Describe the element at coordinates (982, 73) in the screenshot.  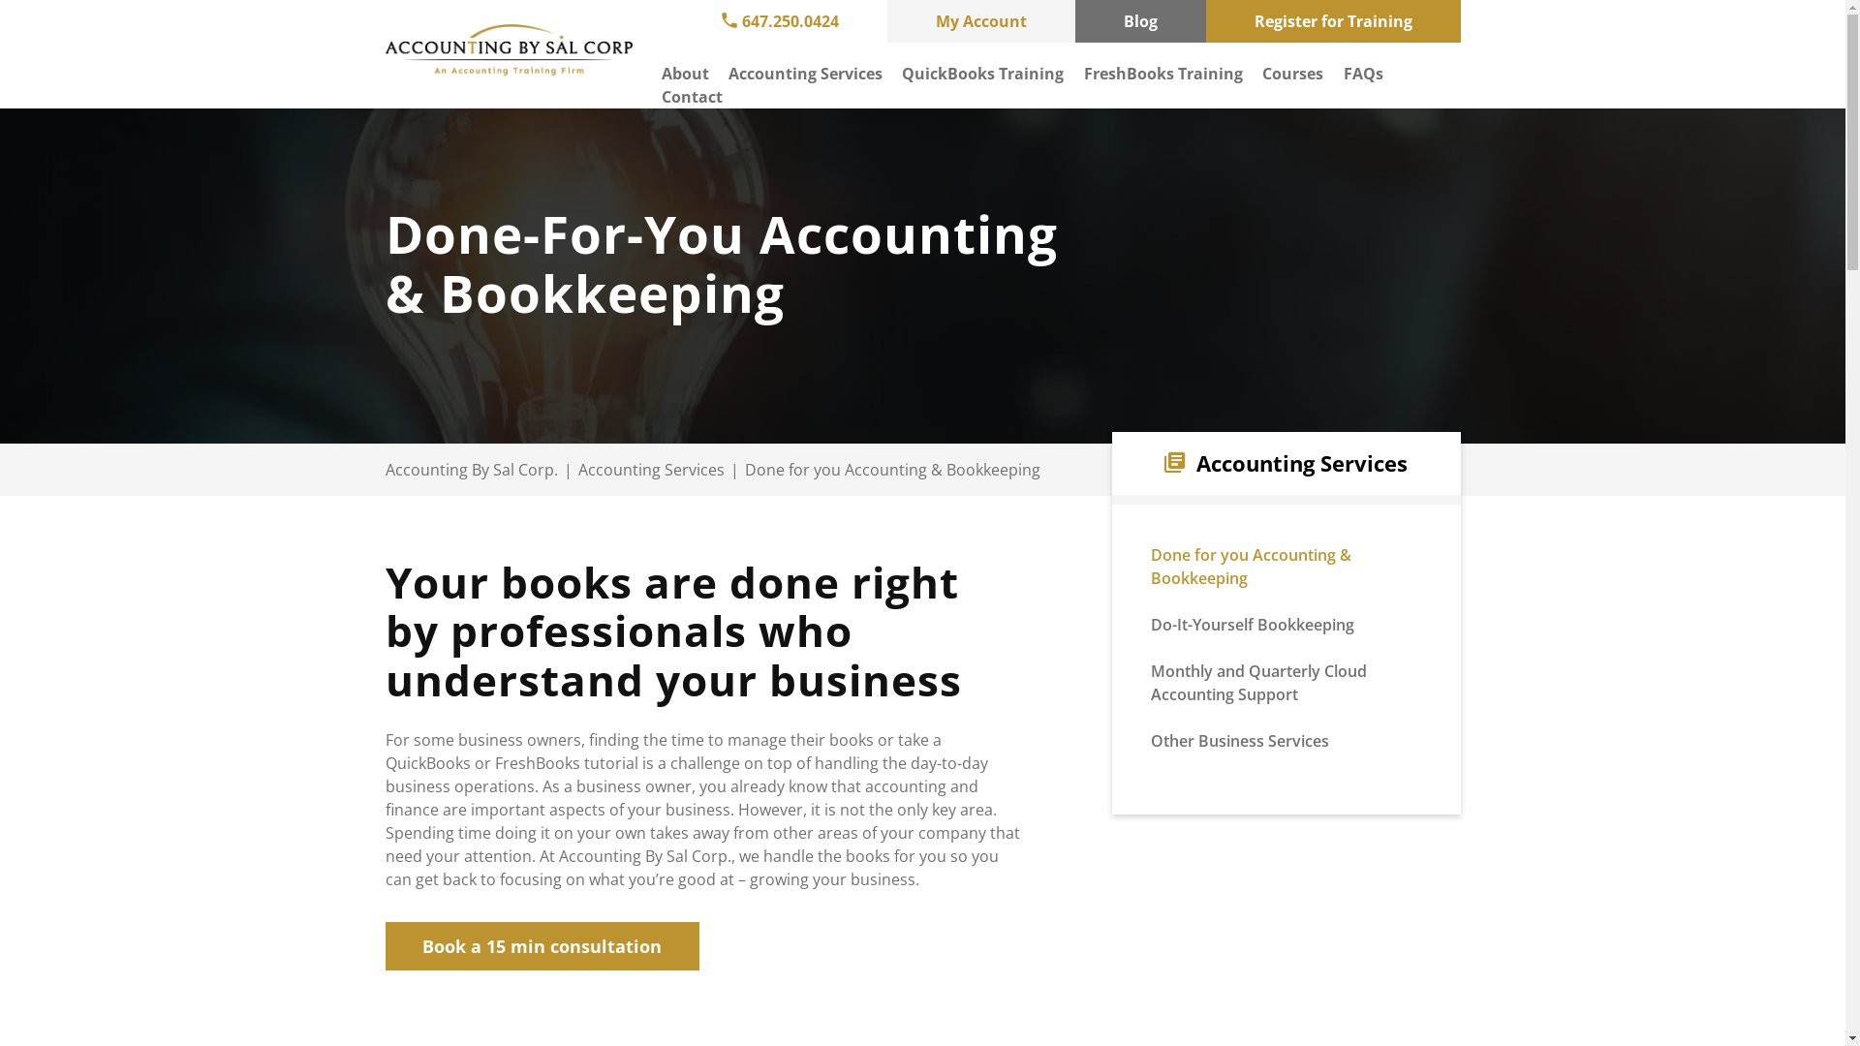
I see `'QuickBooks Training'` at that location.